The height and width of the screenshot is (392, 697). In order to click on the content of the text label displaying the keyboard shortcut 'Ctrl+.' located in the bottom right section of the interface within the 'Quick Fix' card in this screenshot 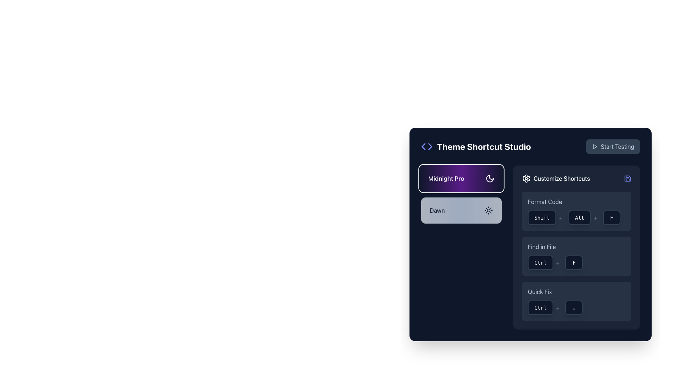, I will do `click(576, 308)`.